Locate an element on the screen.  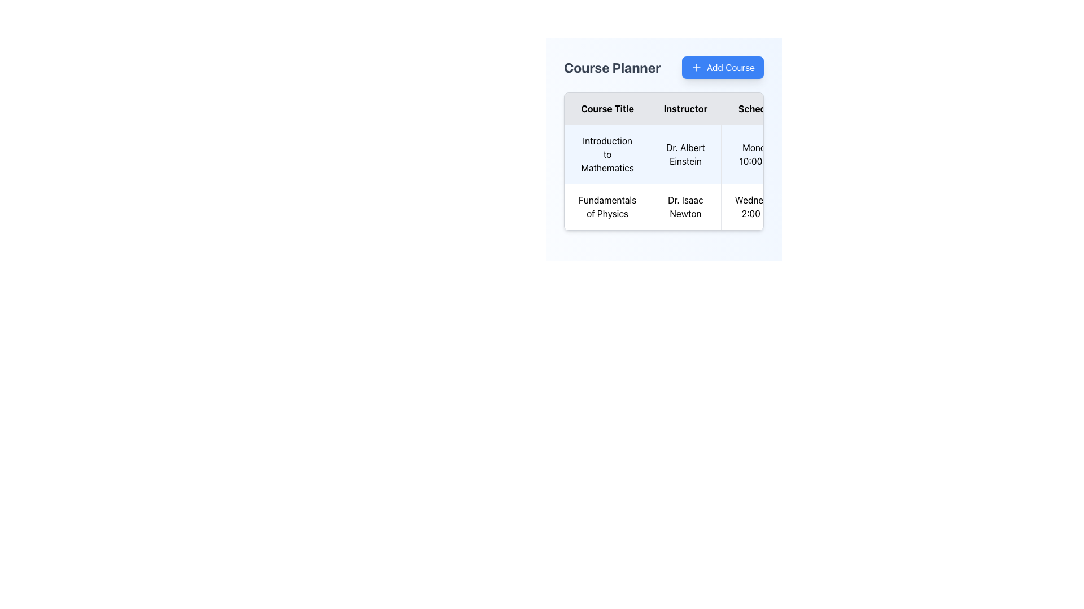
the text field displaying the title 'Fundamentals of Physics', which is styled with black text on a white background and is located in the second row of a table under the column 'Course Title' is located at coordinates (607, 206).